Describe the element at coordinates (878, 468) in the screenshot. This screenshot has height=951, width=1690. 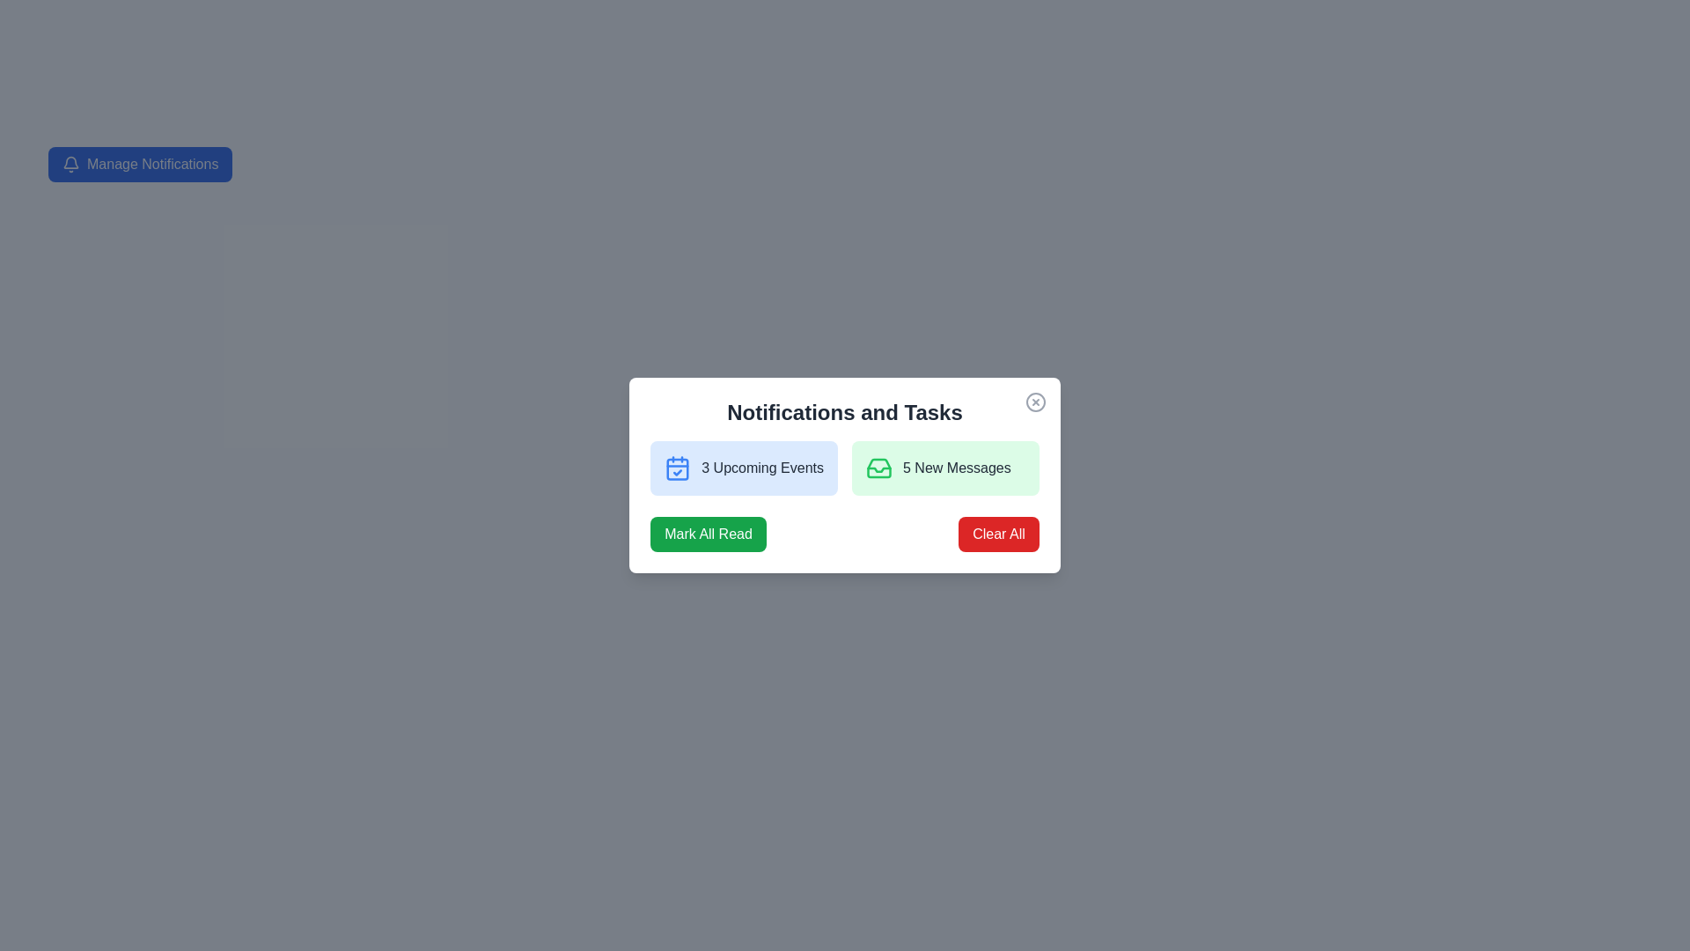
I see `the inbox icon with a green outline, which is located above the text label '5 New Messages'` at that location.